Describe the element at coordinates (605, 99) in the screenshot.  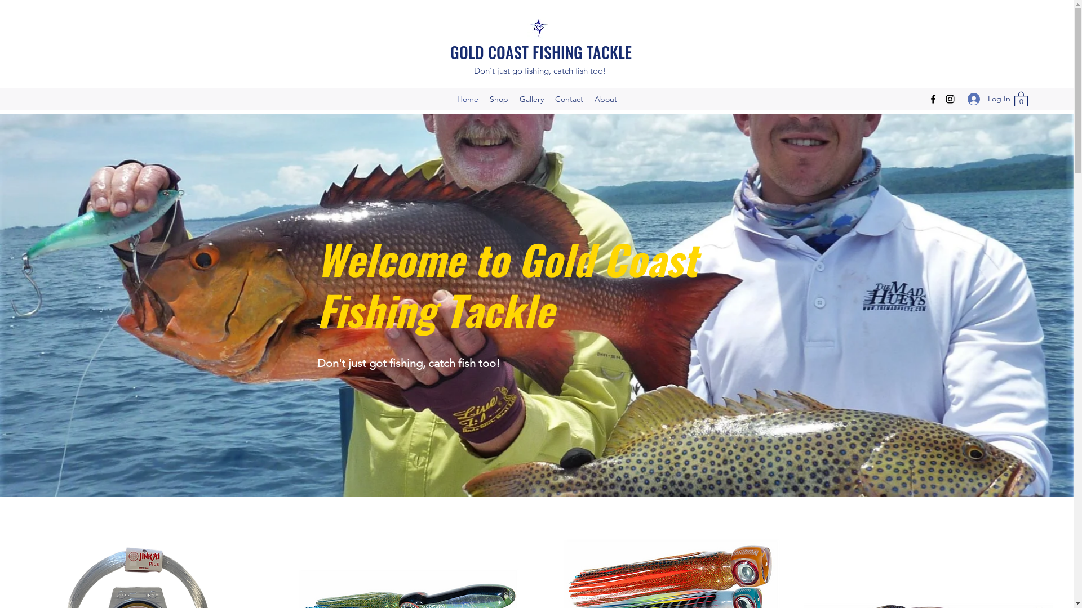
I see `'About'` at that location.